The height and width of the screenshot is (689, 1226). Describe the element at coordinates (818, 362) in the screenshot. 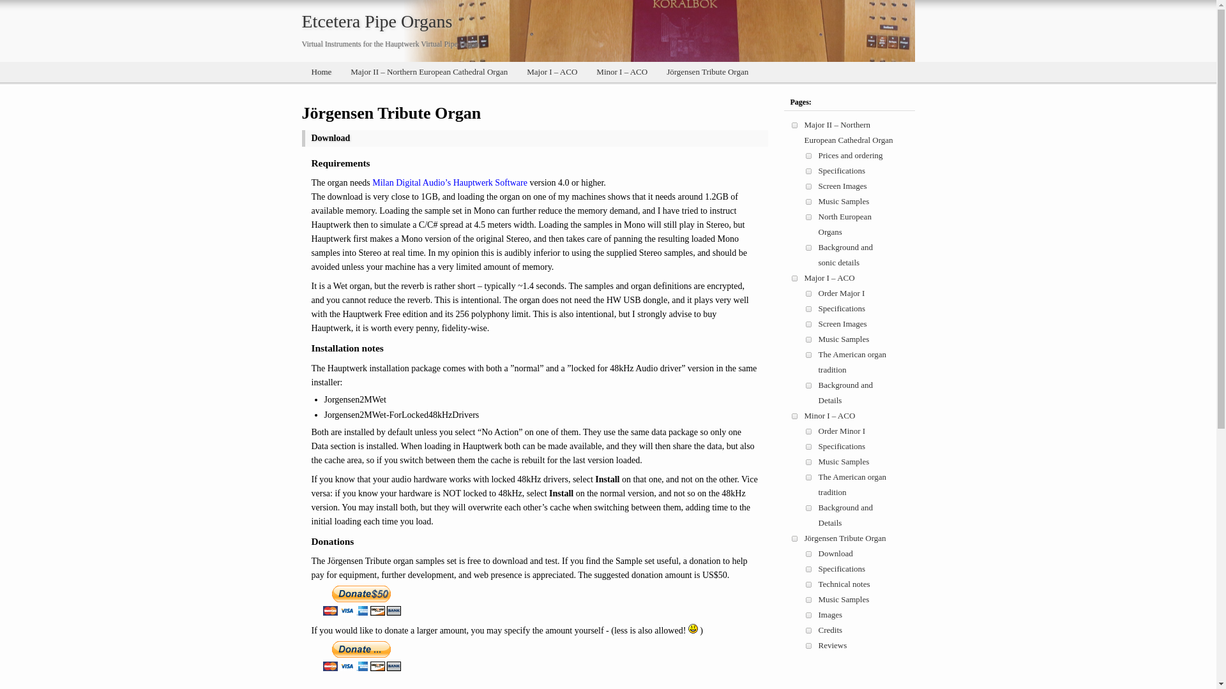

I see `'The American organ tradition'` at that location.